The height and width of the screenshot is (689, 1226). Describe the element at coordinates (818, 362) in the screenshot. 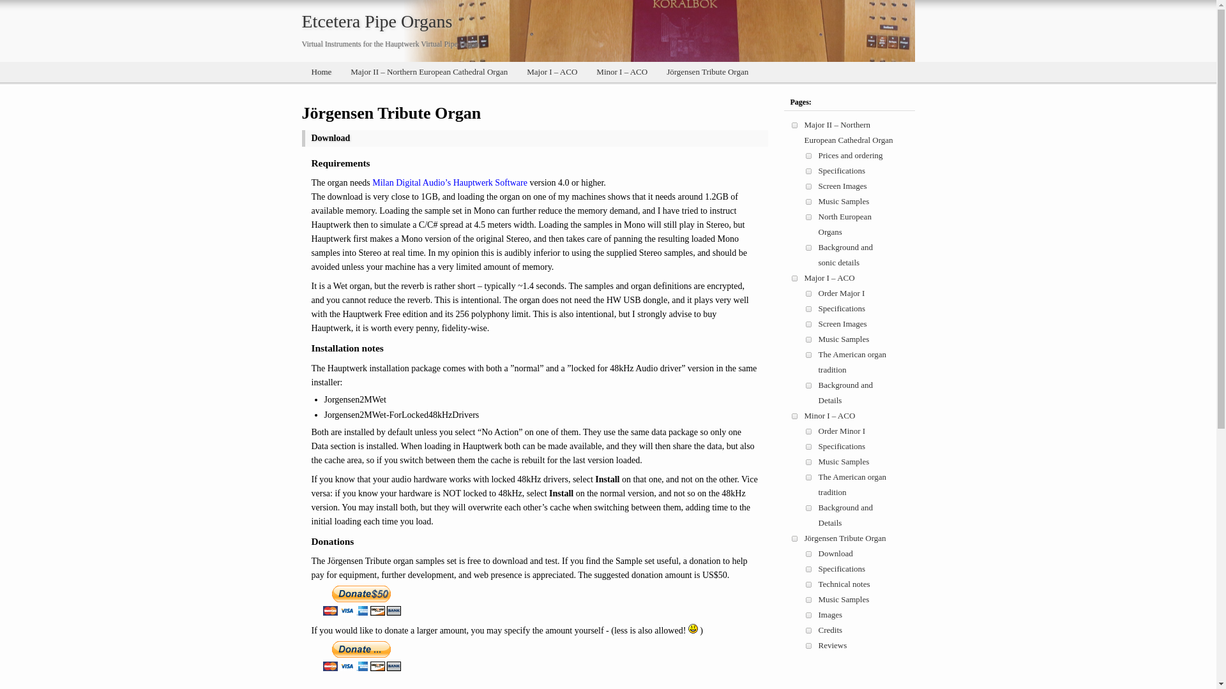

I see `'The American organ tradition'` at that location.